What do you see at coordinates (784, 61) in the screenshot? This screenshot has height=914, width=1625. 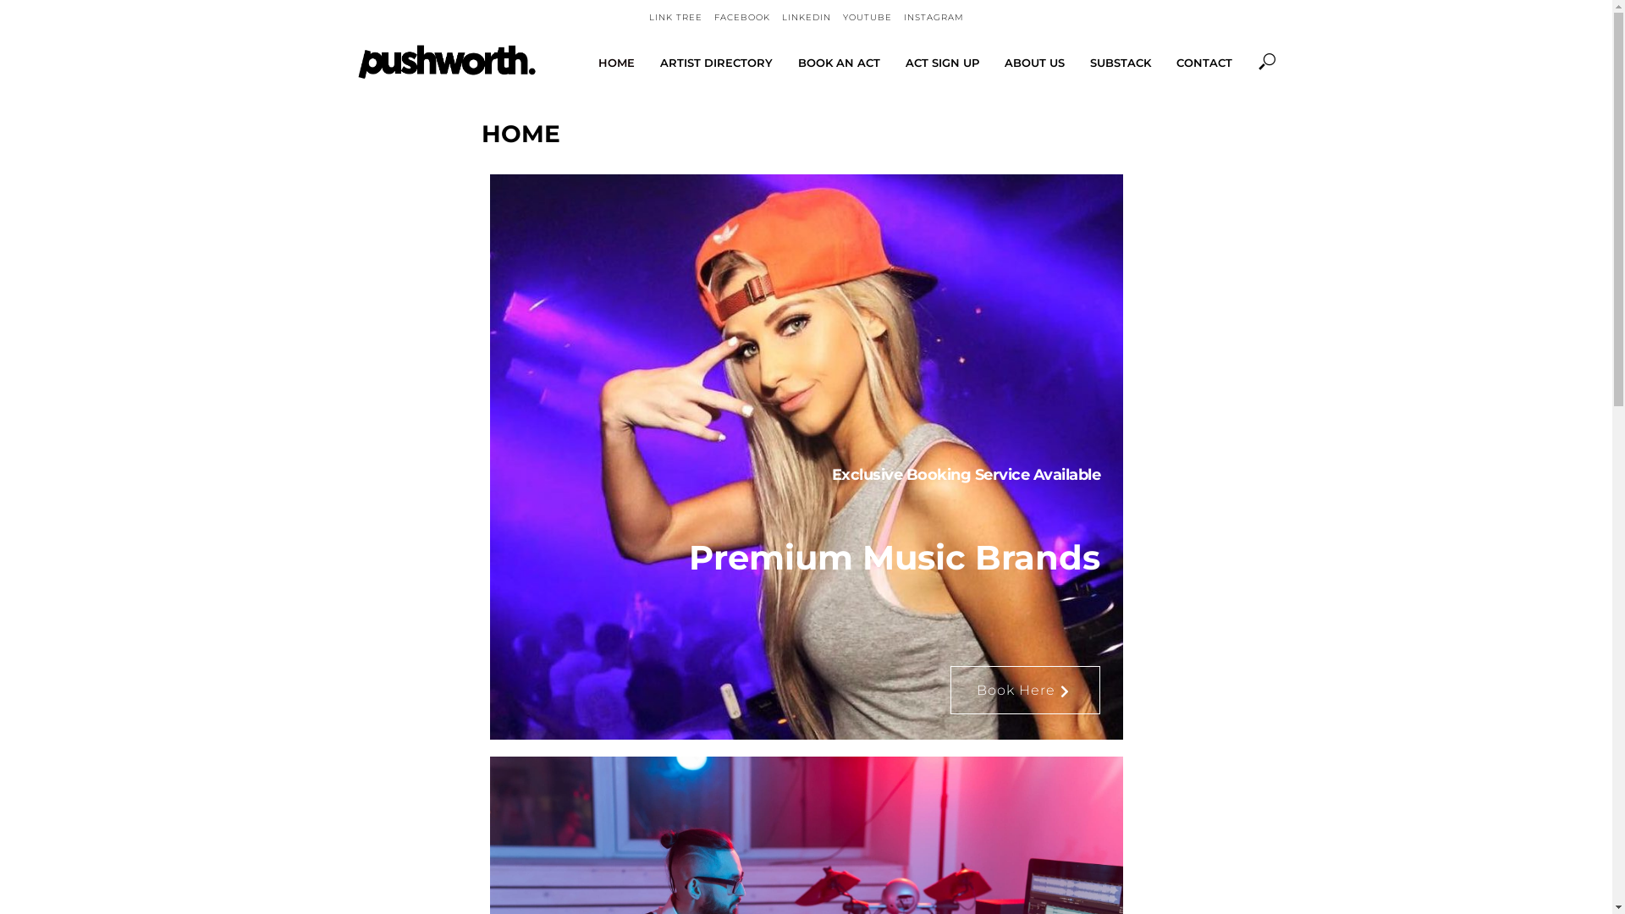 I see `'BOOK AN ACT'` at bounding box center [784, 61].